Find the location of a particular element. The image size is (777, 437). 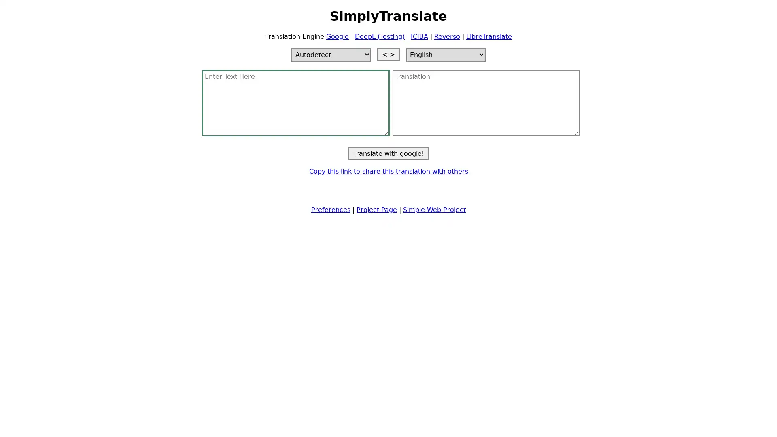

Translate with google! is located at coordinates (388, 153).